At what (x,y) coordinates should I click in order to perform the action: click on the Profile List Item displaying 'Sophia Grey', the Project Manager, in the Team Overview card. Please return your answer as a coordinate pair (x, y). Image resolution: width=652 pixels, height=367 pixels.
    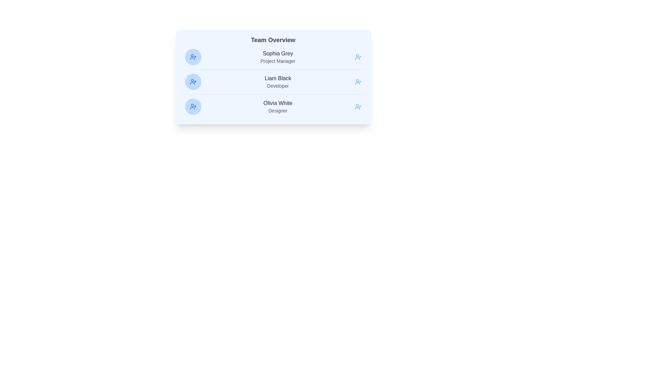
    Looking at the image, I should click on (273, 57).